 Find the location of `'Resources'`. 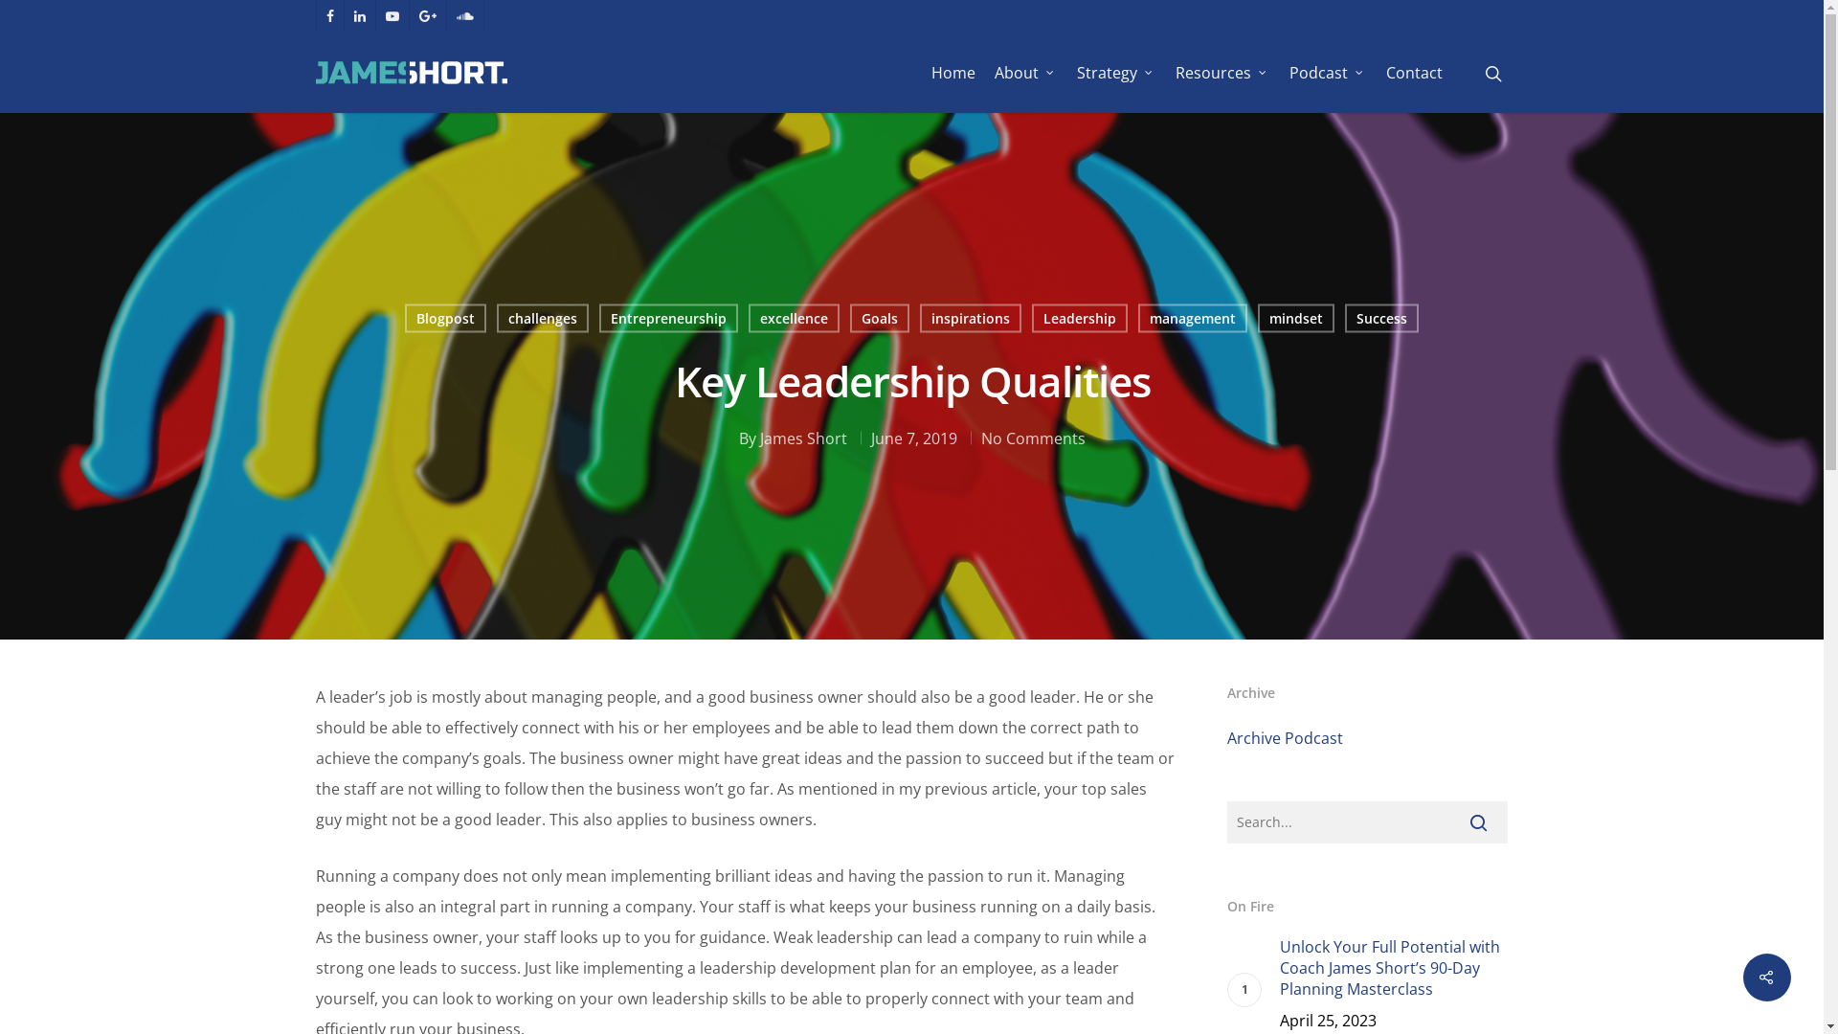

'Resources' is located at coordinates (1222, 72).